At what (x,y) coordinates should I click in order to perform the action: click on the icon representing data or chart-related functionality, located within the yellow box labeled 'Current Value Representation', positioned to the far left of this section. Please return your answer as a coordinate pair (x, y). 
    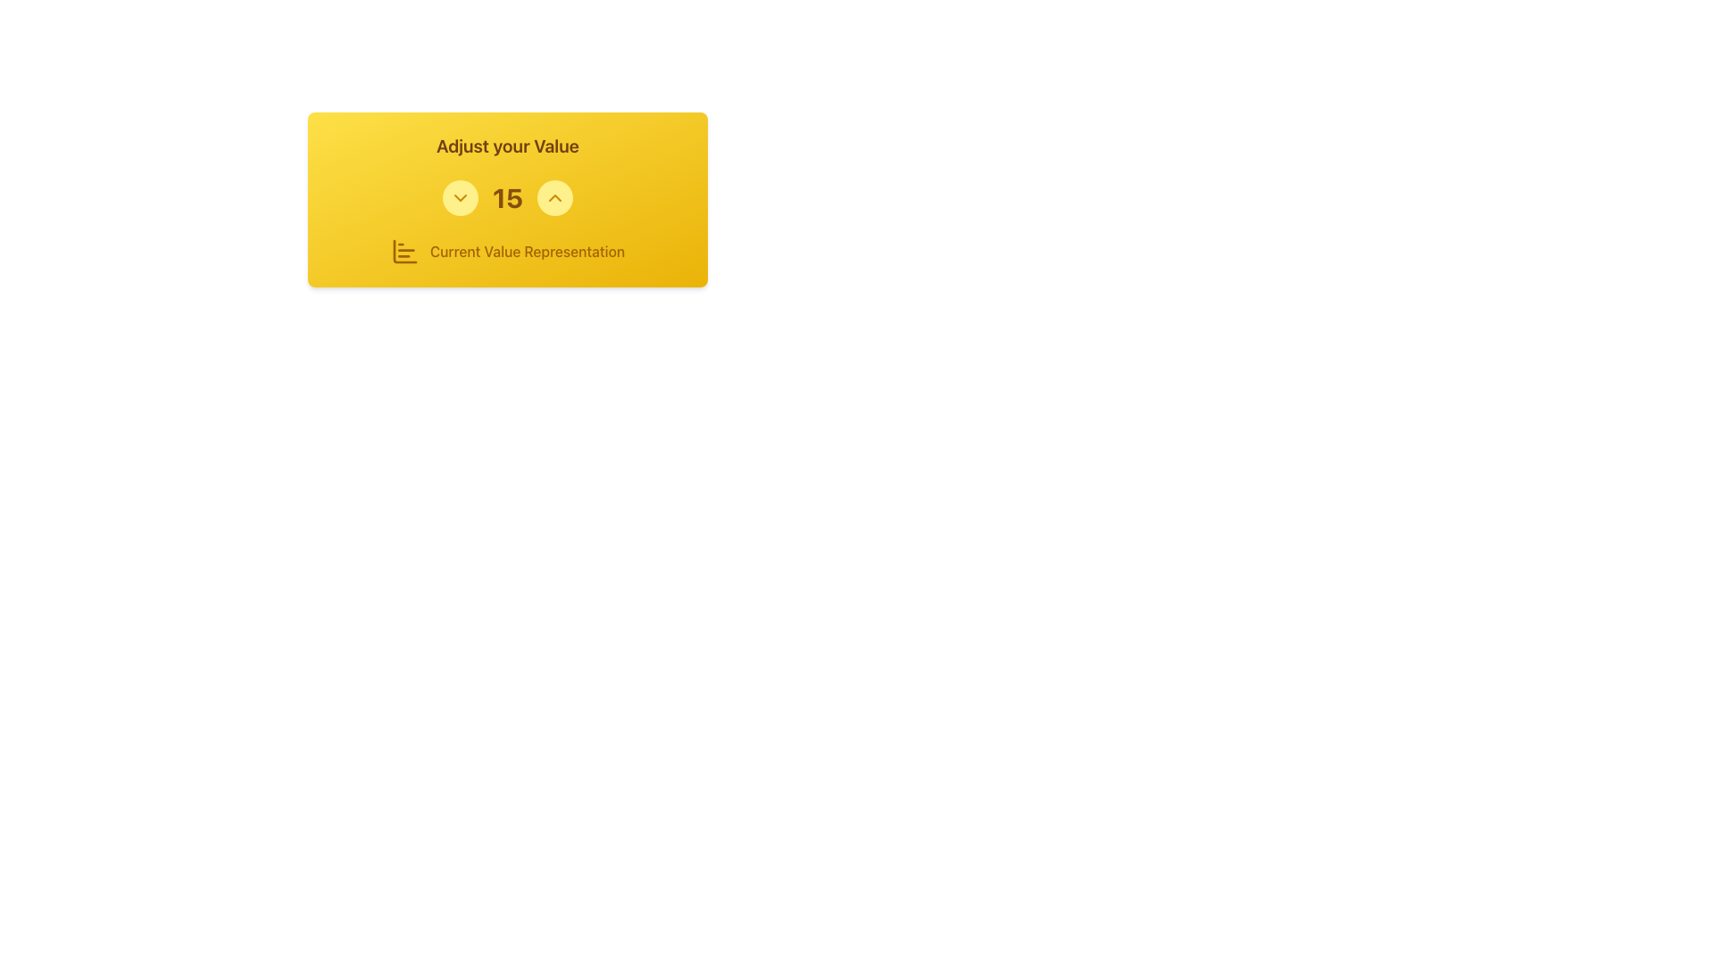
    Looking at the image, I should click on (404, 251).